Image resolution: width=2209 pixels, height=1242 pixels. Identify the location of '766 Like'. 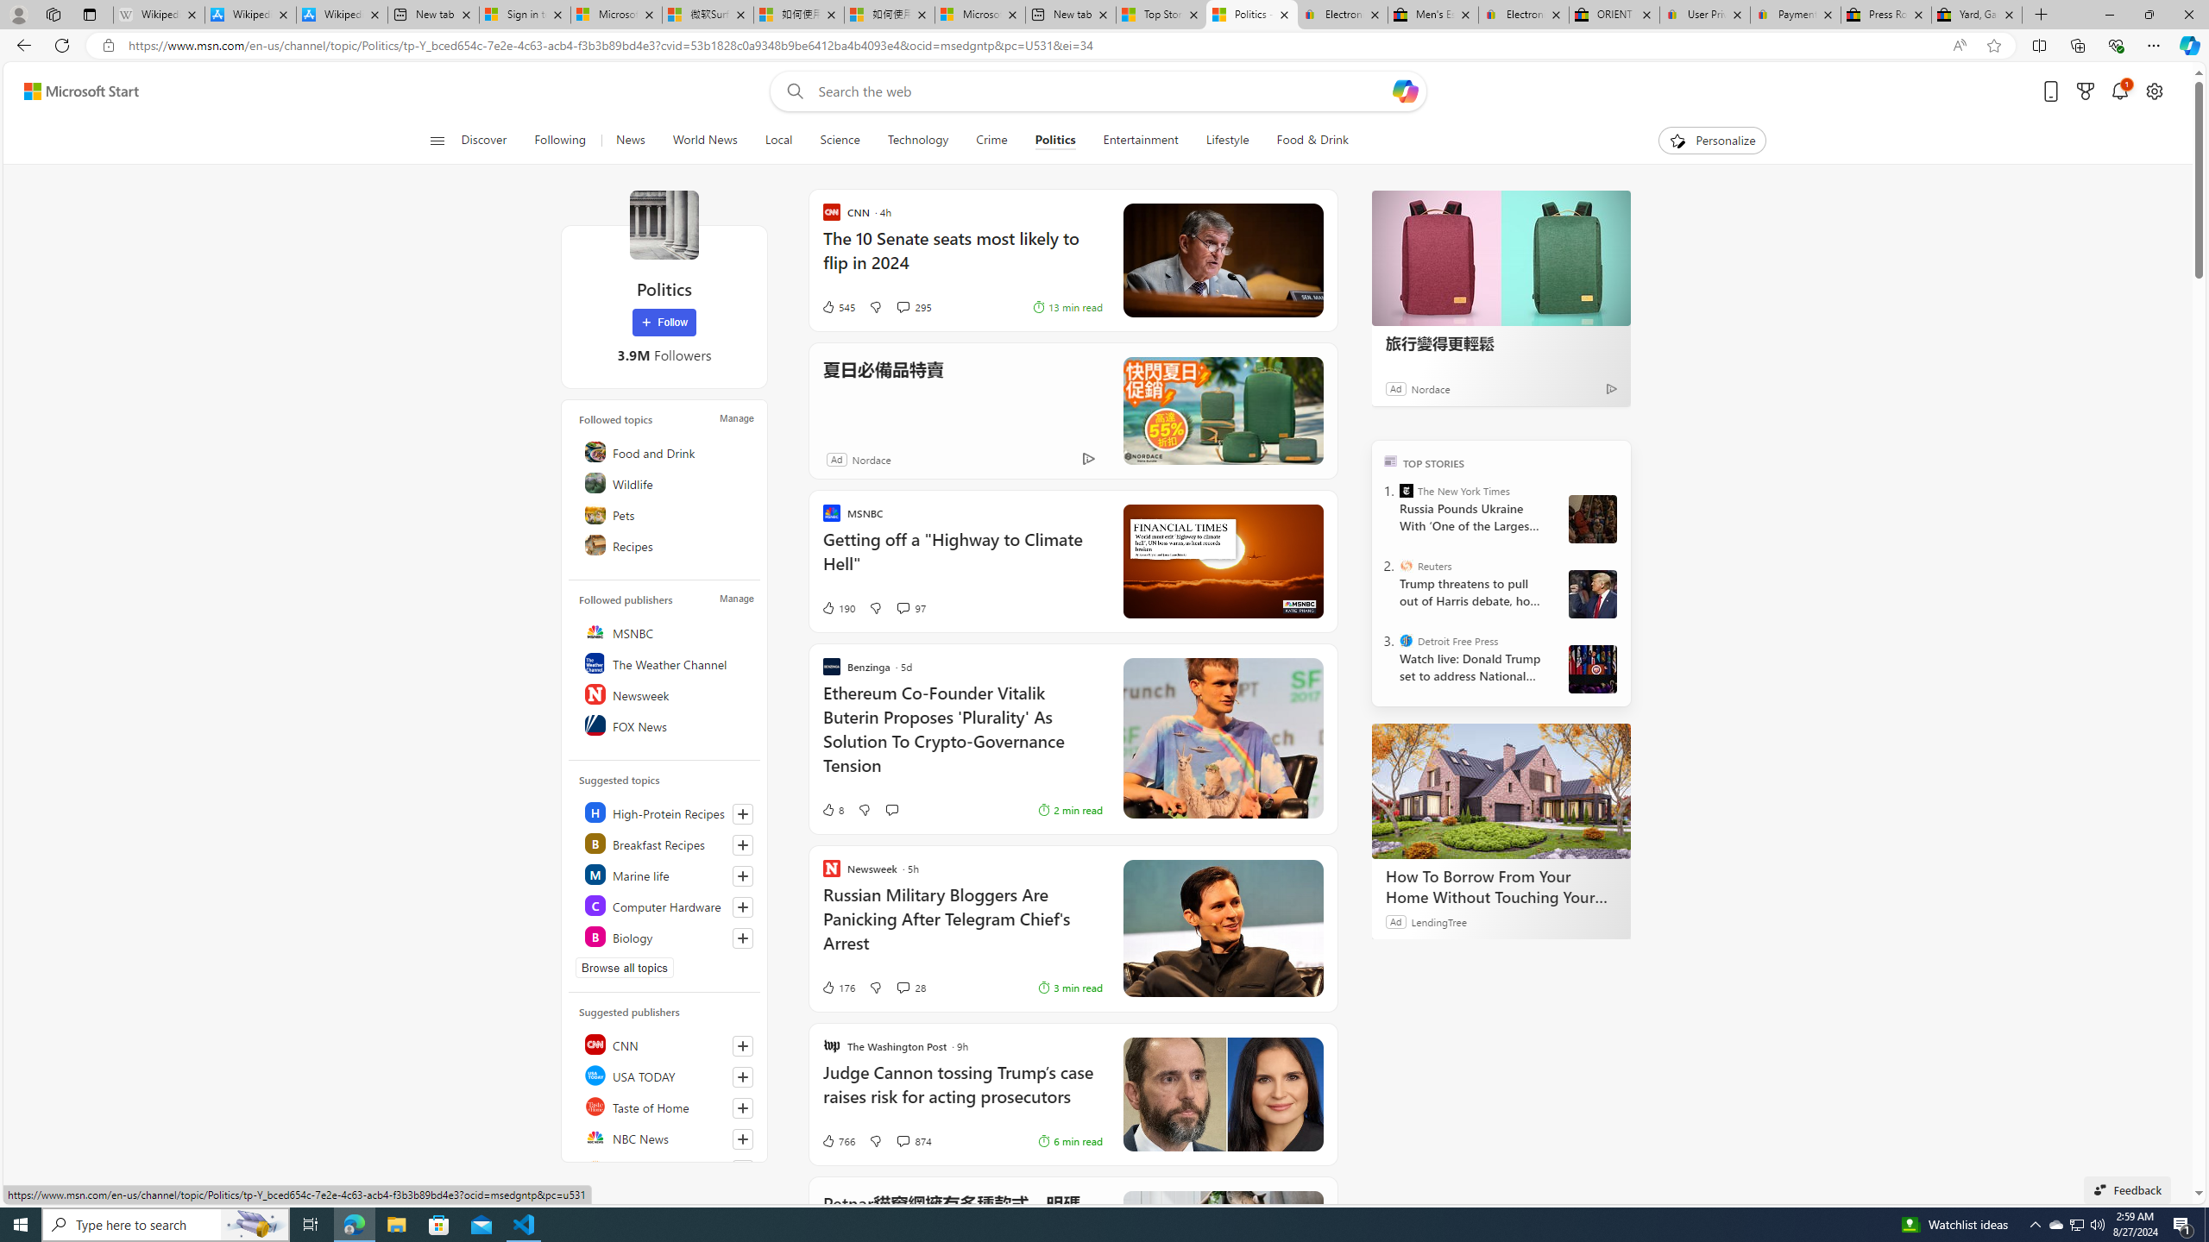
(837, 1139).